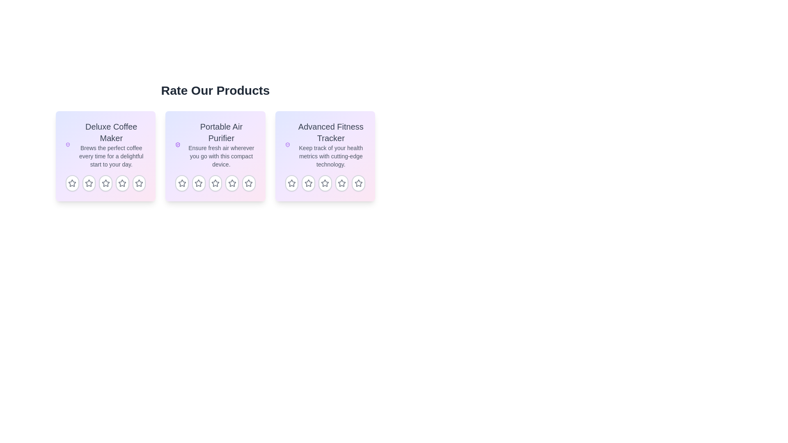 This screenshot has height=443, width=788. Describe the element at coordinates (291, 183) in the screenshot. I see `the first star in the rating component under the 'Advanced Fitness Tracker' card` at that location.